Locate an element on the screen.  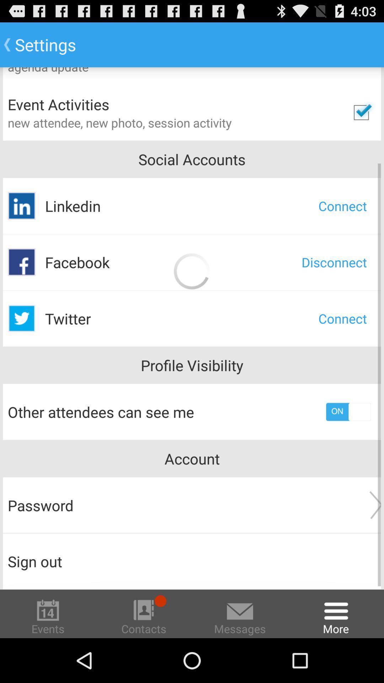
tick option is located at coordinates (361, 112).